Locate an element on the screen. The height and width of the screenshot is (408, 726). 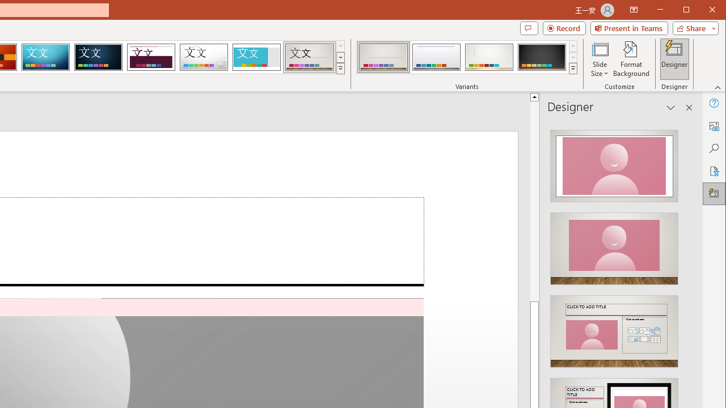
'Gallery Variant 4' is located at coordinates (541, 57).